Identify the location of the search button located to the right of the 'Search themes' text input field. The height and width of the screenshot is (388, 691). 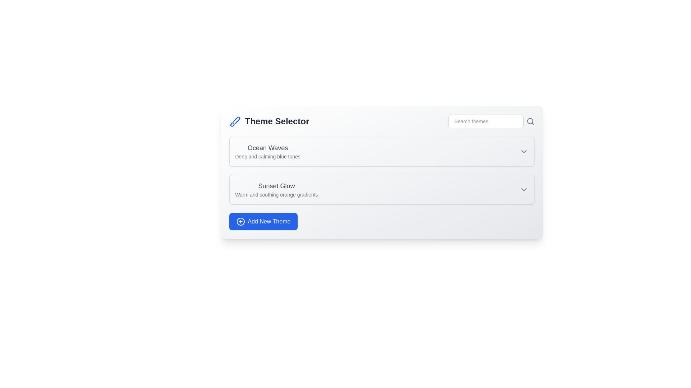
(530, 121).